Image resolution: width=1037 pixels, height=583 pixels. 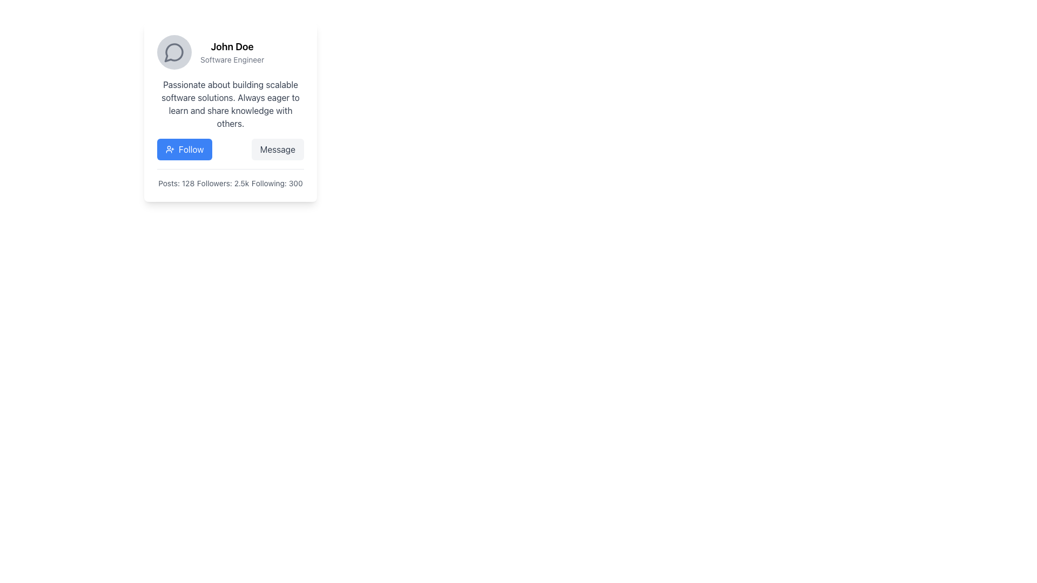 I want to click on the text label displaying 'Software Engineer' which is located beneath the 'John Doe' text in a card layout, so click(x=232, y=60).